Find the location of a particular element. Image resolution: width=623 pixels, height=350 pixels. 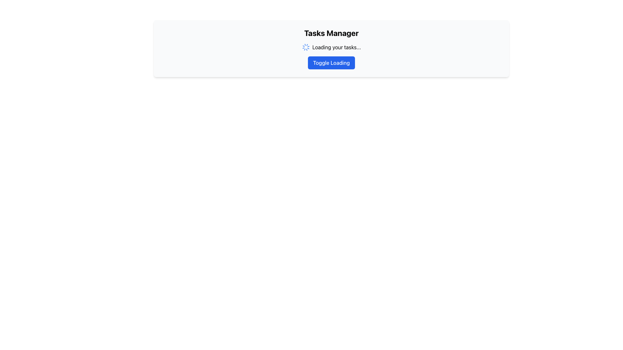

the 'Tasks Manager' text header, which is bold and large, centered at the top of the interface and serves as the section header is located at coordinates (331, 33).